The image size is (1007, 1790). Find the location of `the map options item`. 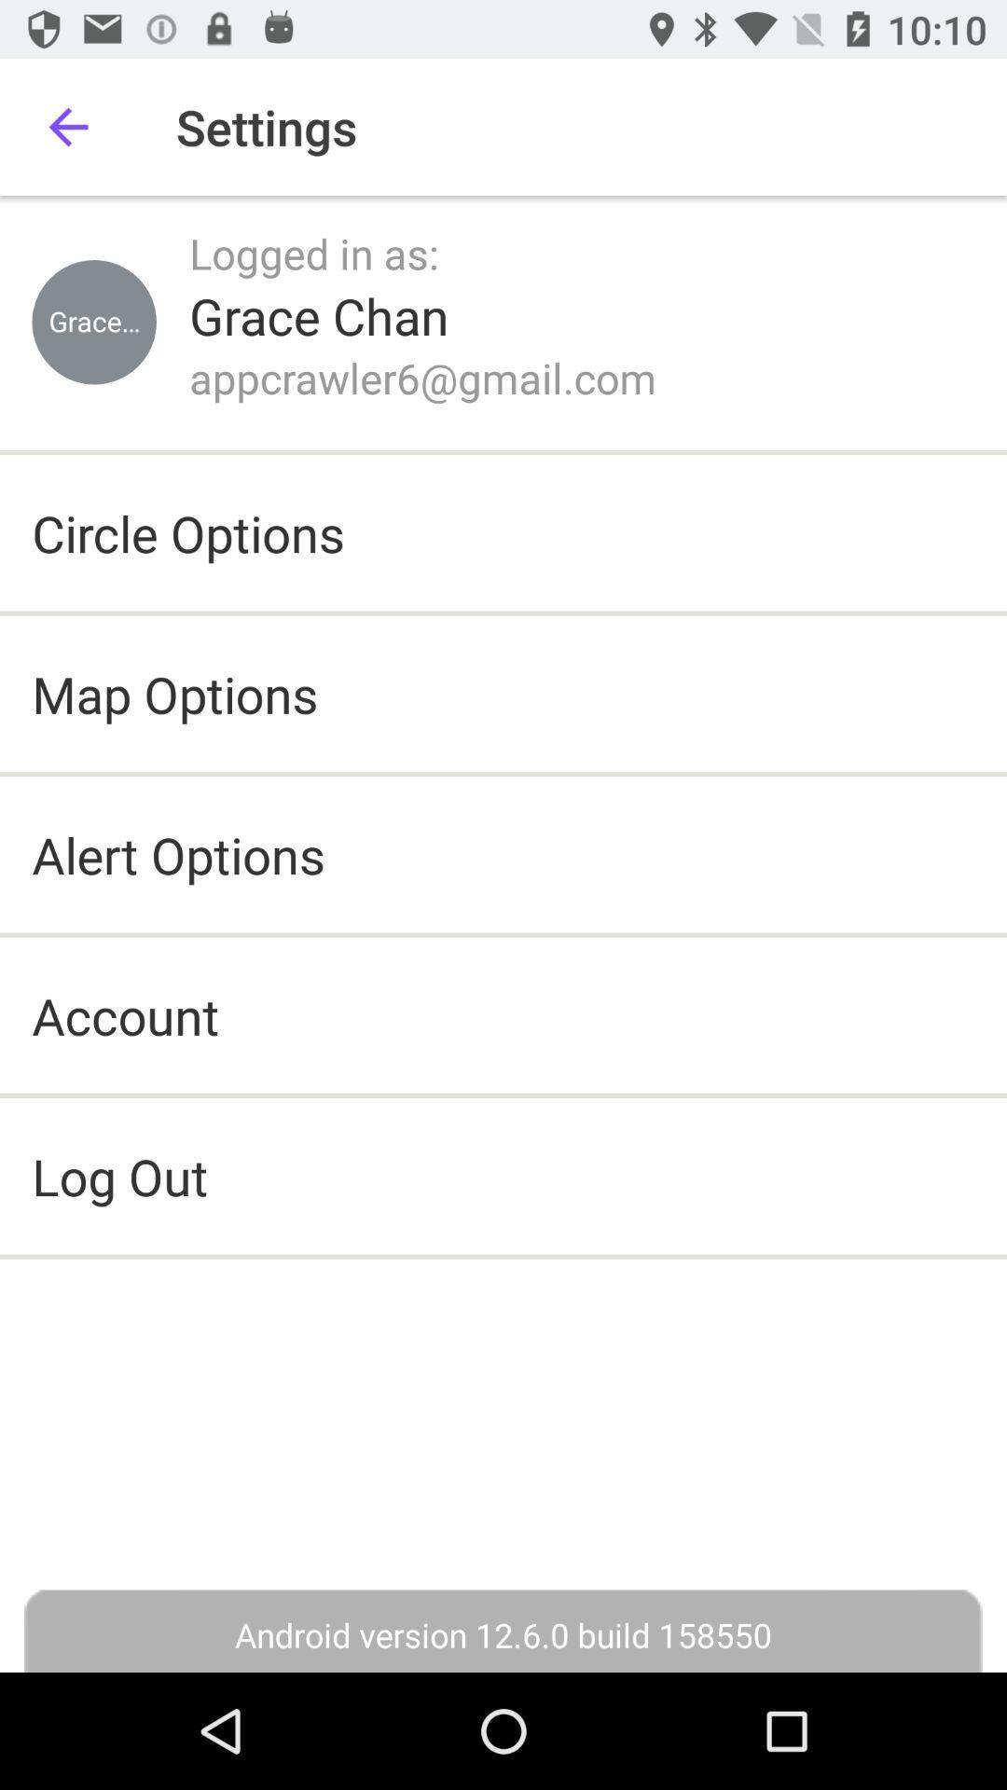

the map options item is located at coordinates (174, 693).